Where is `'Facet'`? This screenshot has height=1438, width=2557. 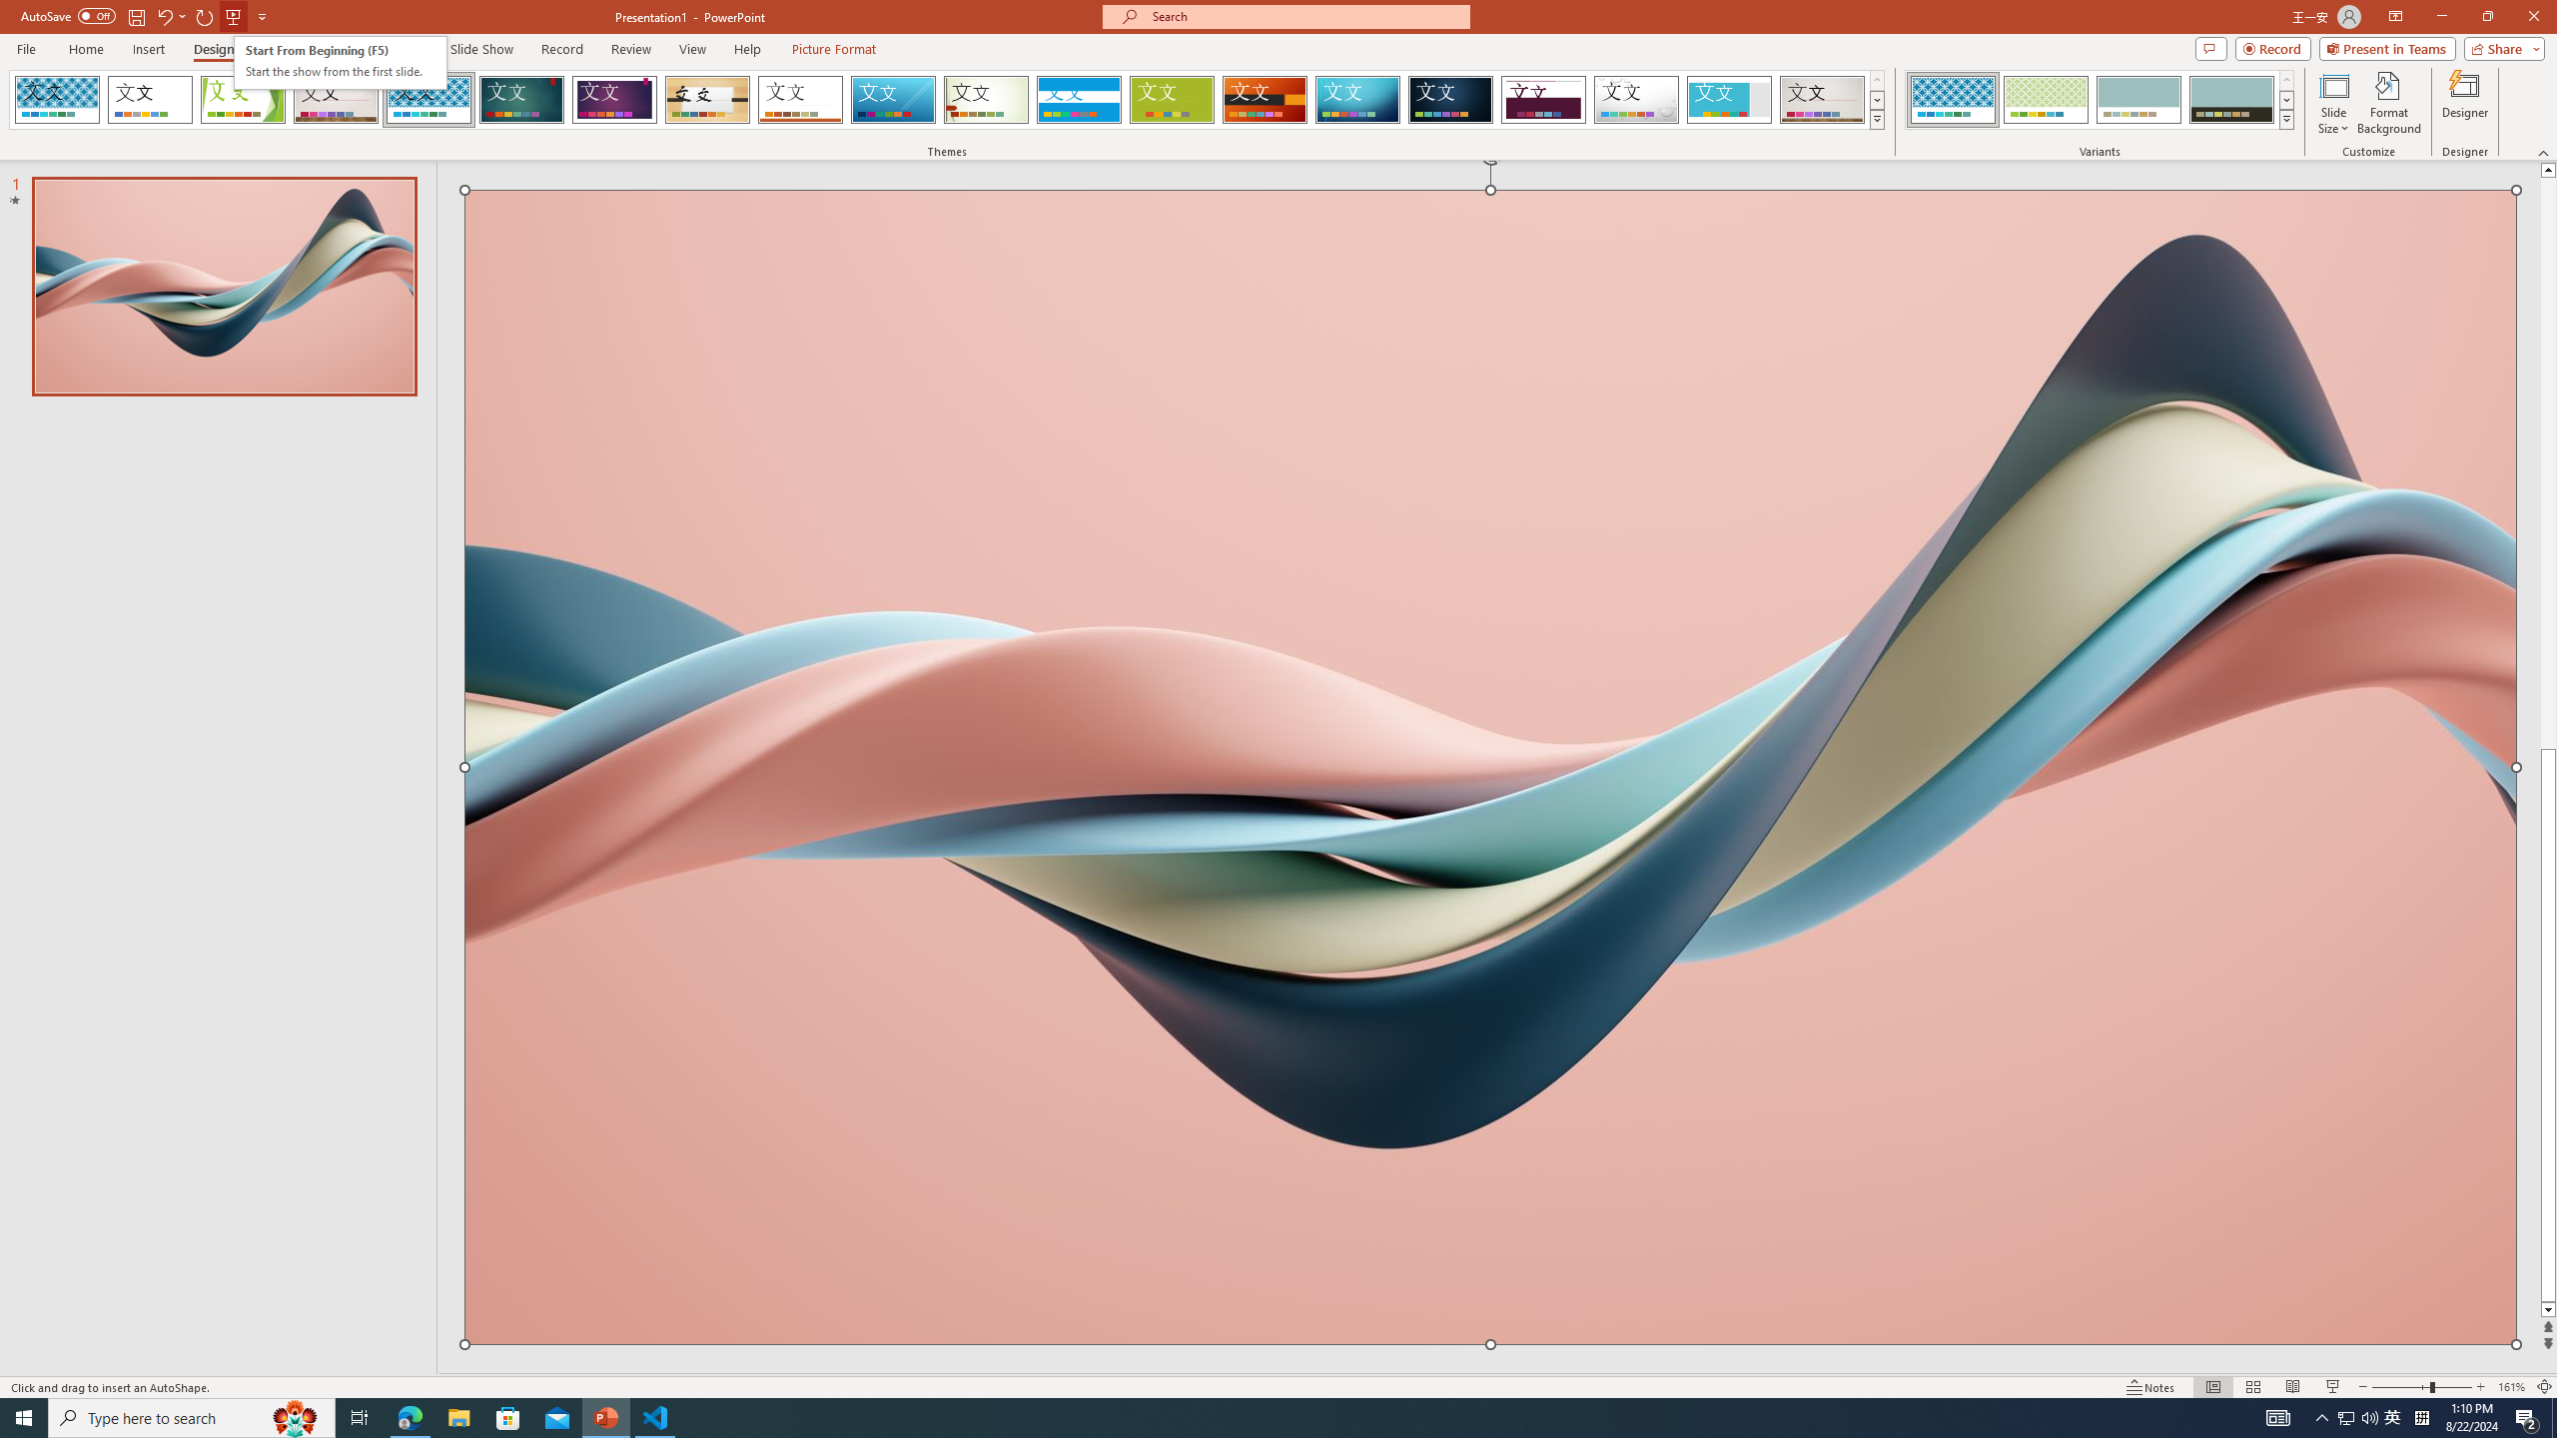
'Facet' is located at coordinates (242, 99).